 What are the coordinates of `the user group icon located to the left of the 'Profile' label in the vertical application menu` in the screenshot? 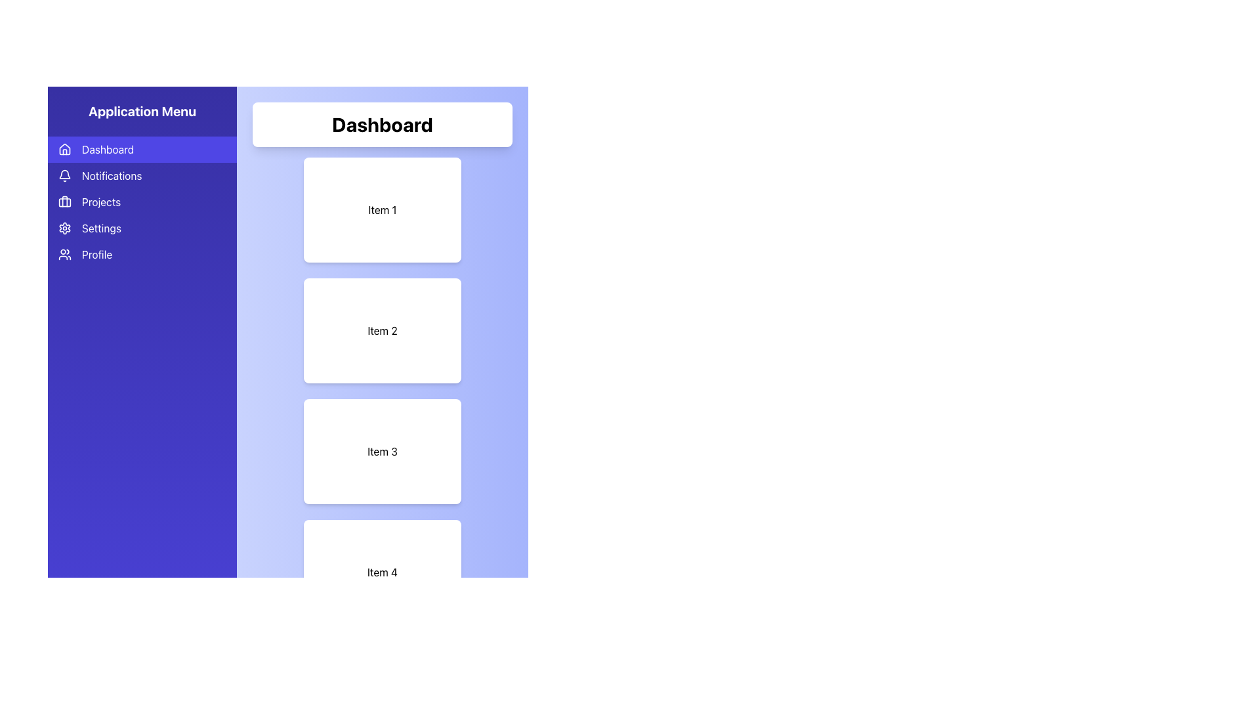 It's located at (64, 255).